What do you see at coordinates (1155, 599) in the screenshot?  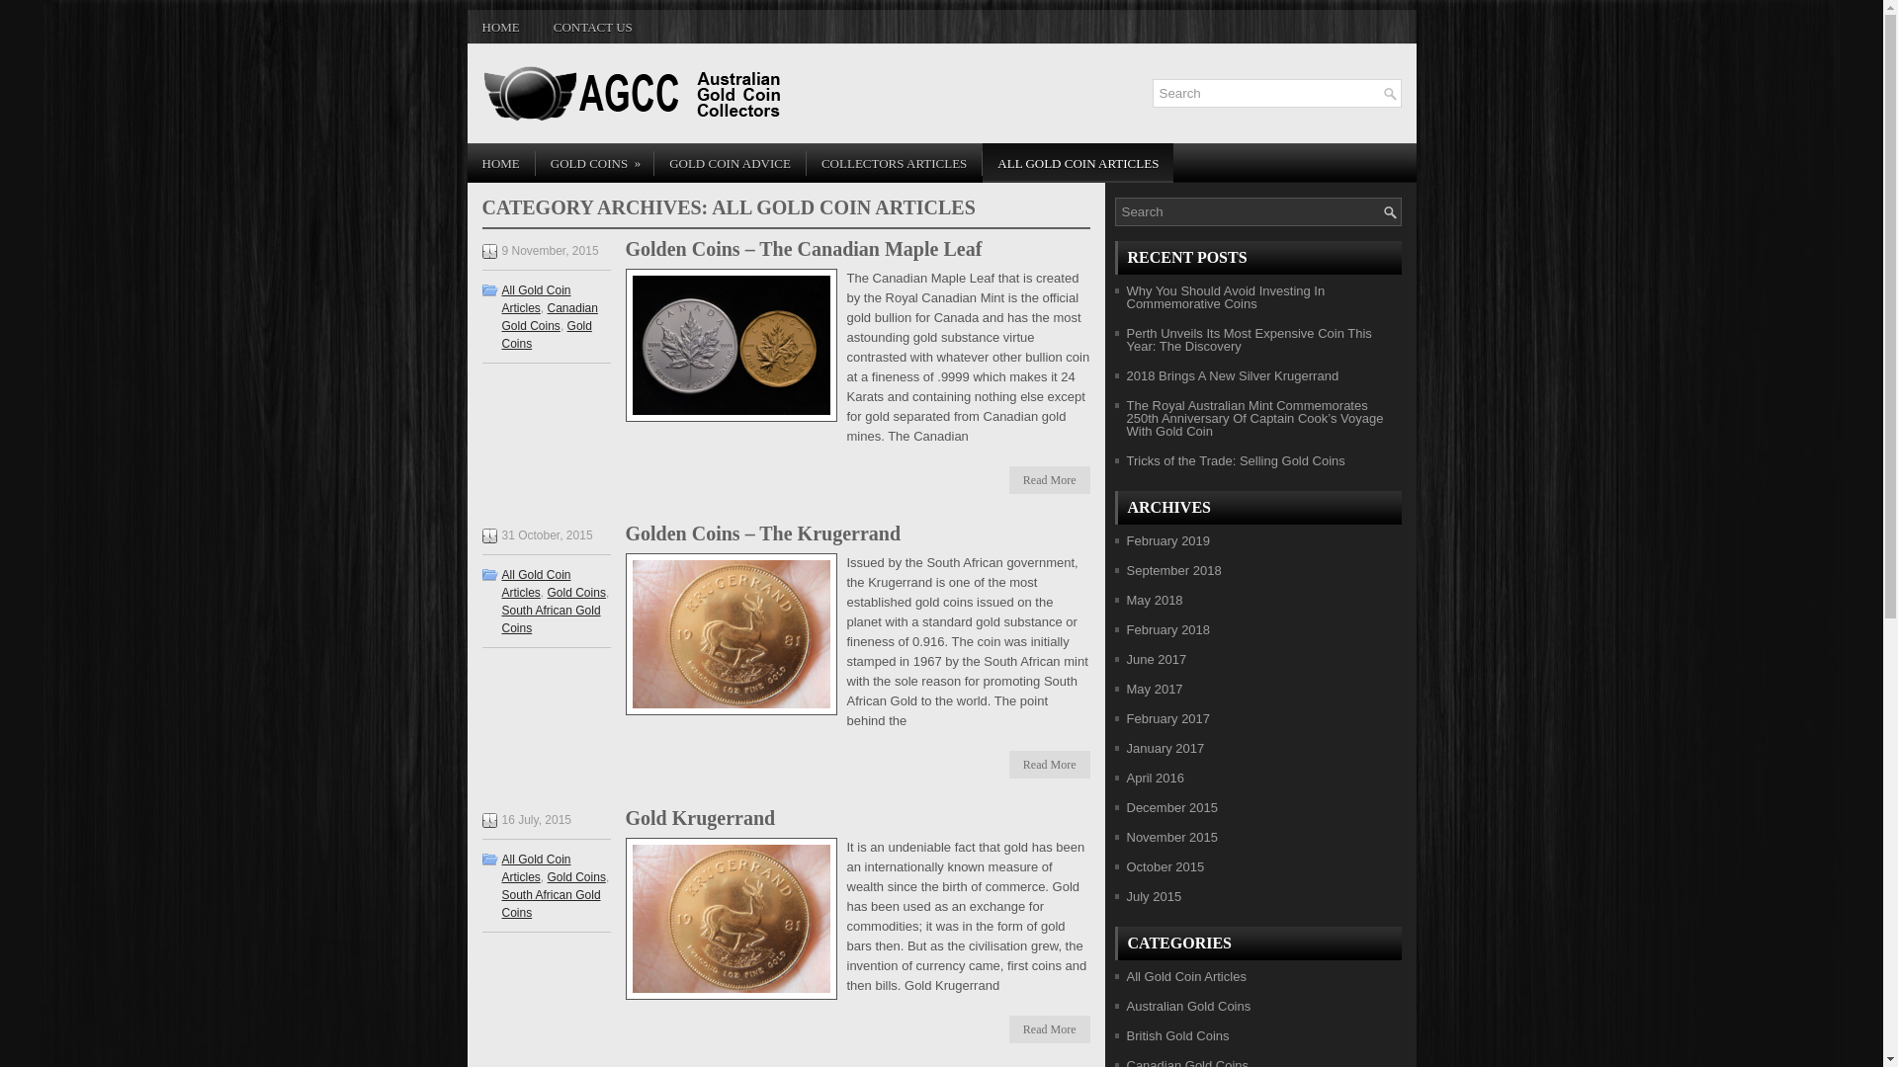 I see `'May 2018'` at bounding box center [1155, 599].